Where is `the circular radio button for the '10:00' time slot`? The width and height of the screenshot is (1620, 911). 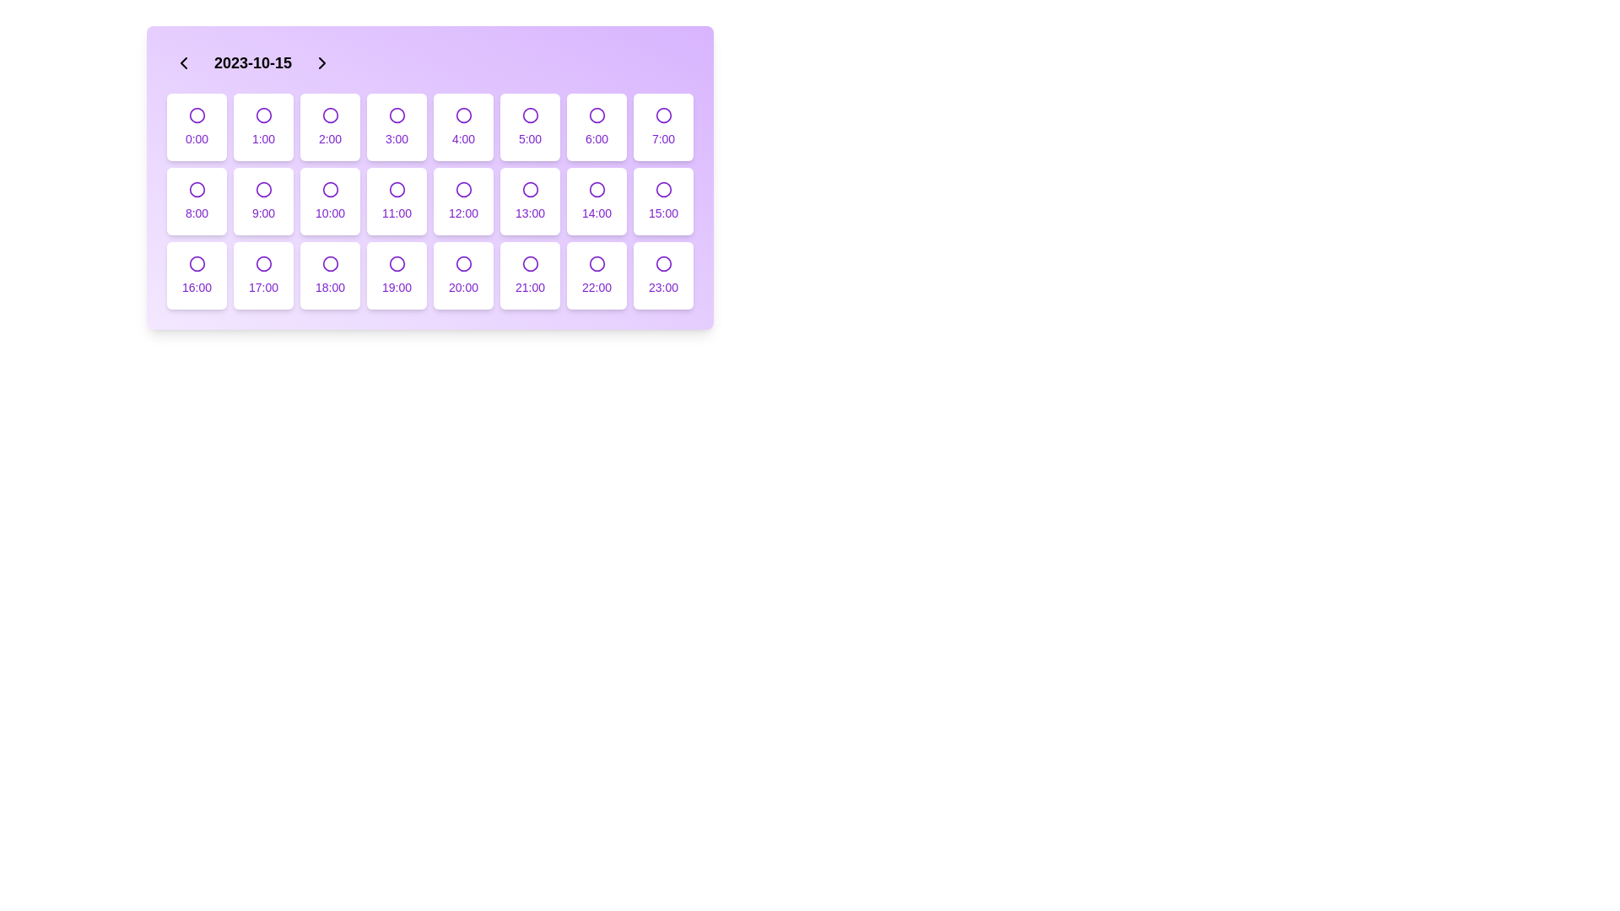 the circular radio button for the '10:00' time slot is located at coordinates (330, 189).